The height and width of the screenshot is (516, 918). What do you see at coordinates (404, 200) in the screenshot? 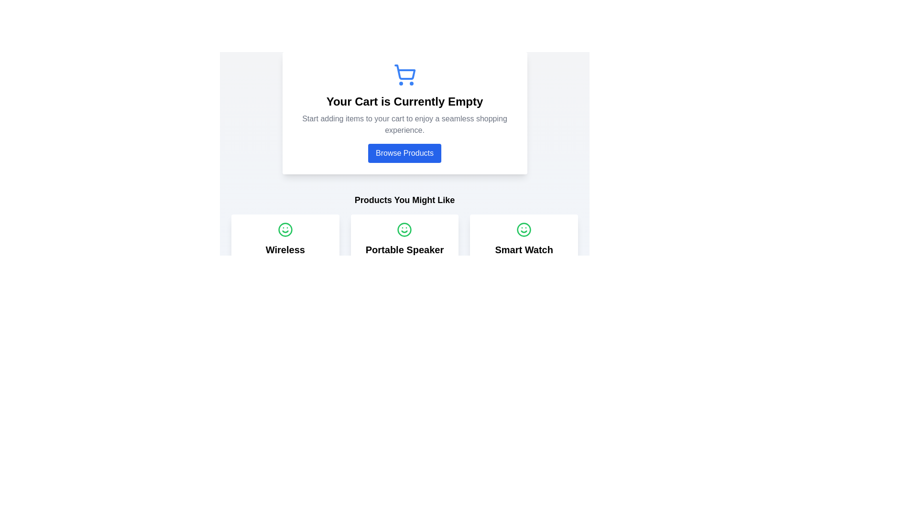
I see `the text element that displays 'Products You Might Like'` at bounding box center [404, 200].